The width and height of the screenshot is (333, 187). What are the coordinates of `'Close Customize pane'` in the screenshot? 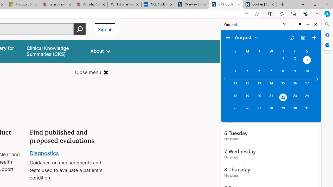 It's located at (327, 62).